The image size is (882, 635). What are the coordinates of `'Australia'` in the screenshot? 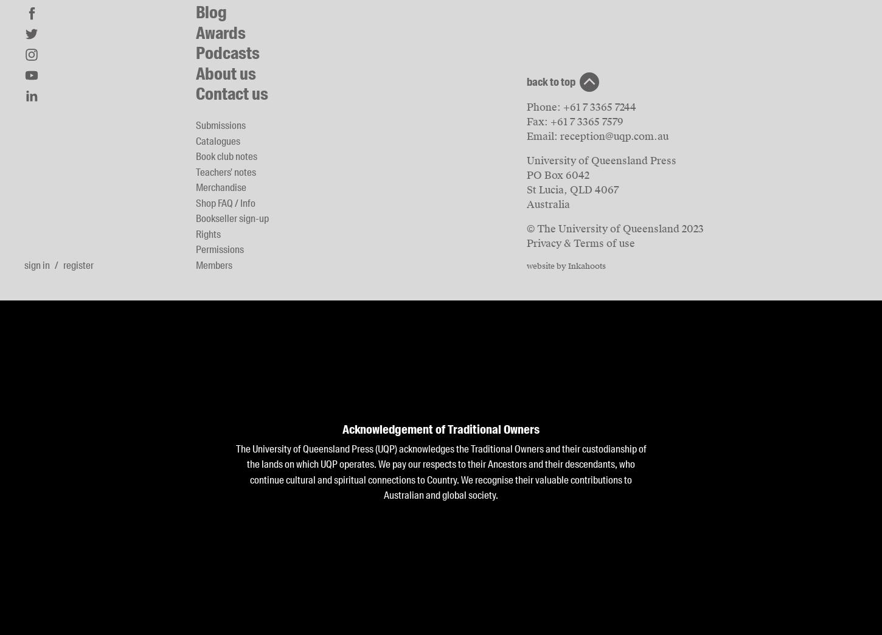 It's located at (547, 204).